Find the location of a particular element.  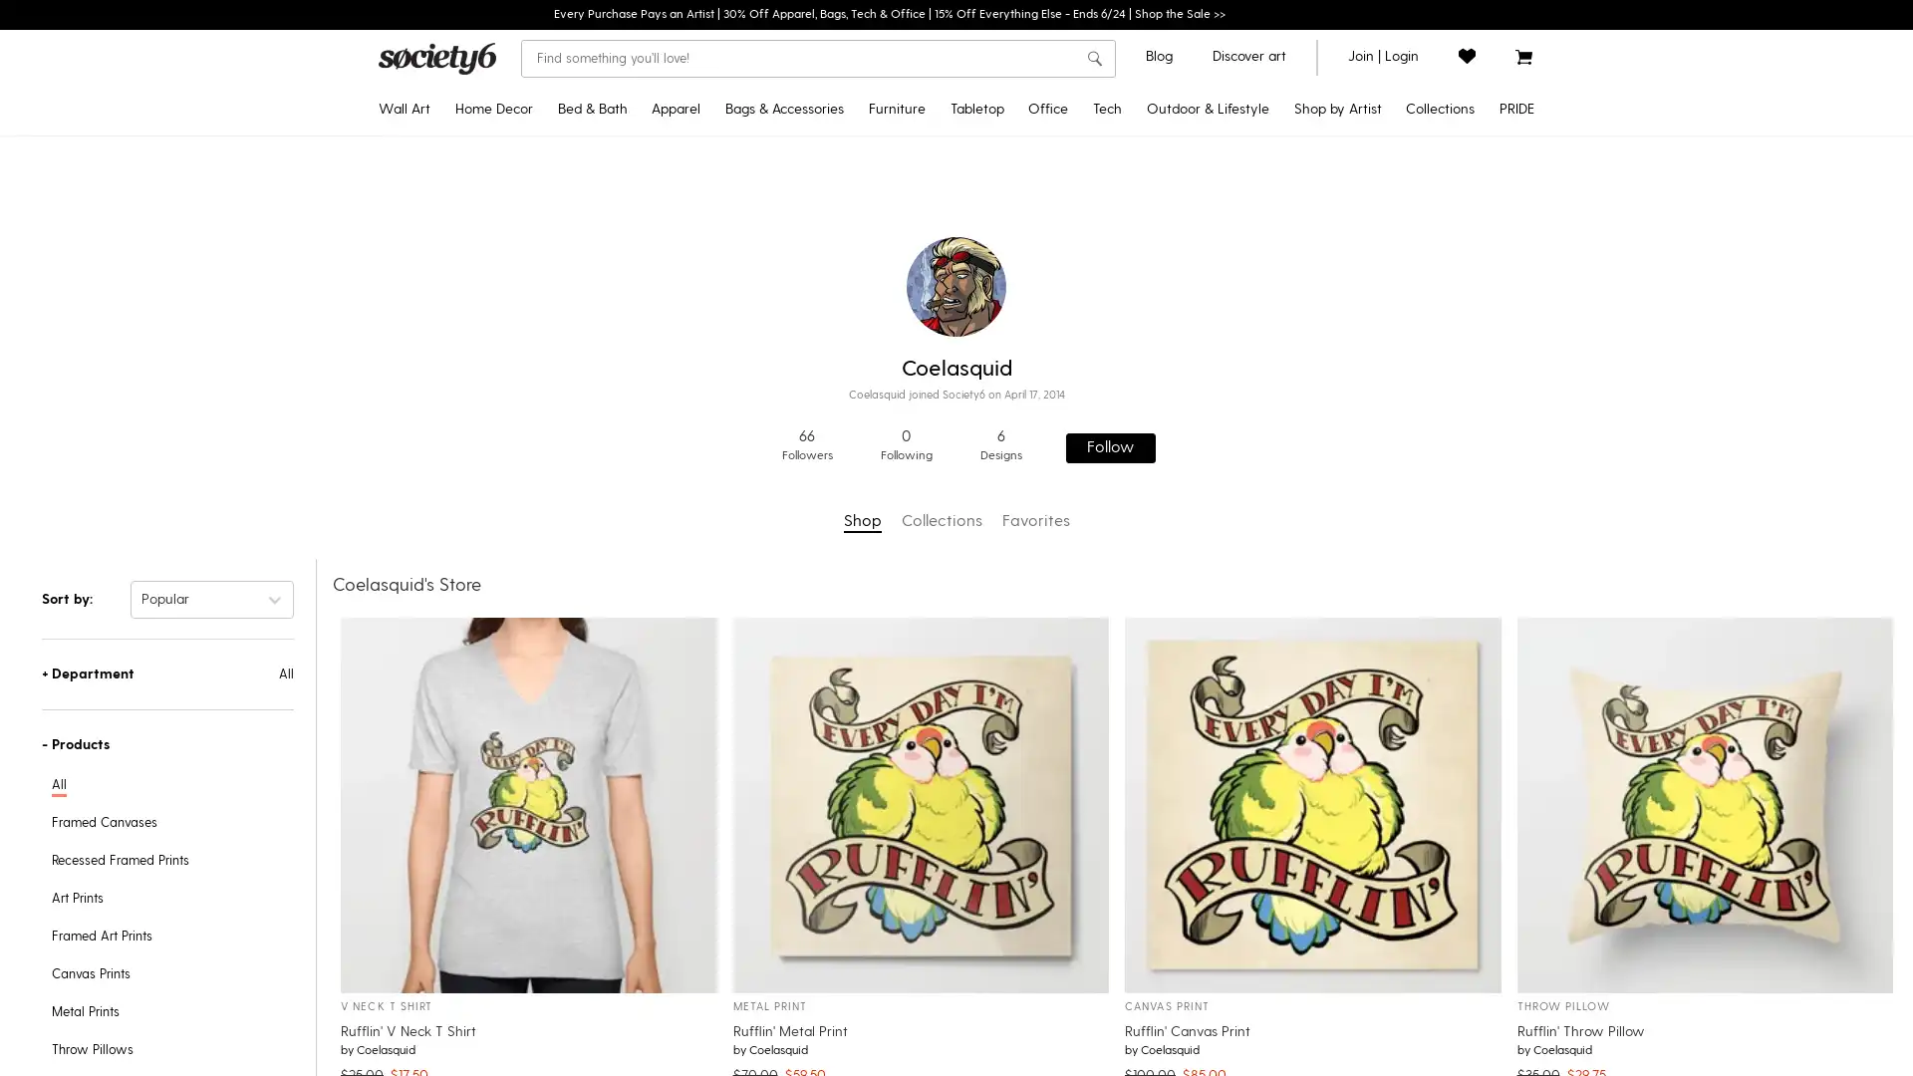

Bath Mats is located at coordinates (635, 288).